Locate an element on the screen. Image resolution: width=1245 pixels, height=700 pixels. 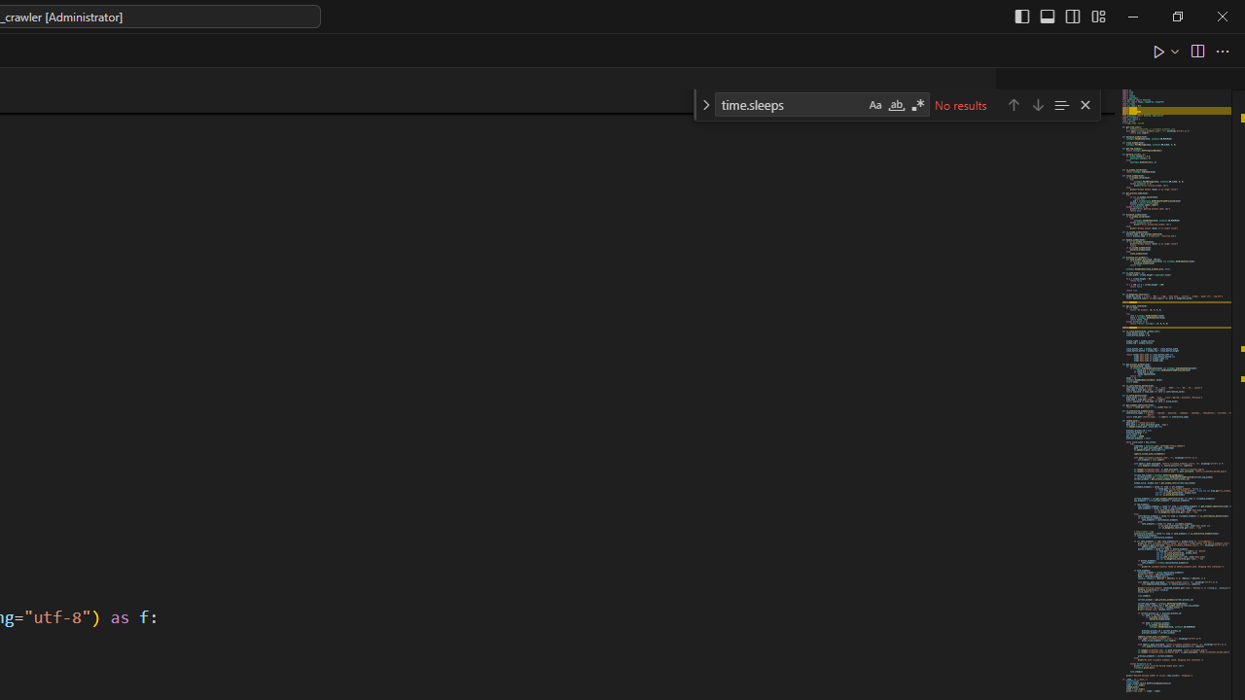
'Close (Escape)' is located at coordinates (1084, 105).